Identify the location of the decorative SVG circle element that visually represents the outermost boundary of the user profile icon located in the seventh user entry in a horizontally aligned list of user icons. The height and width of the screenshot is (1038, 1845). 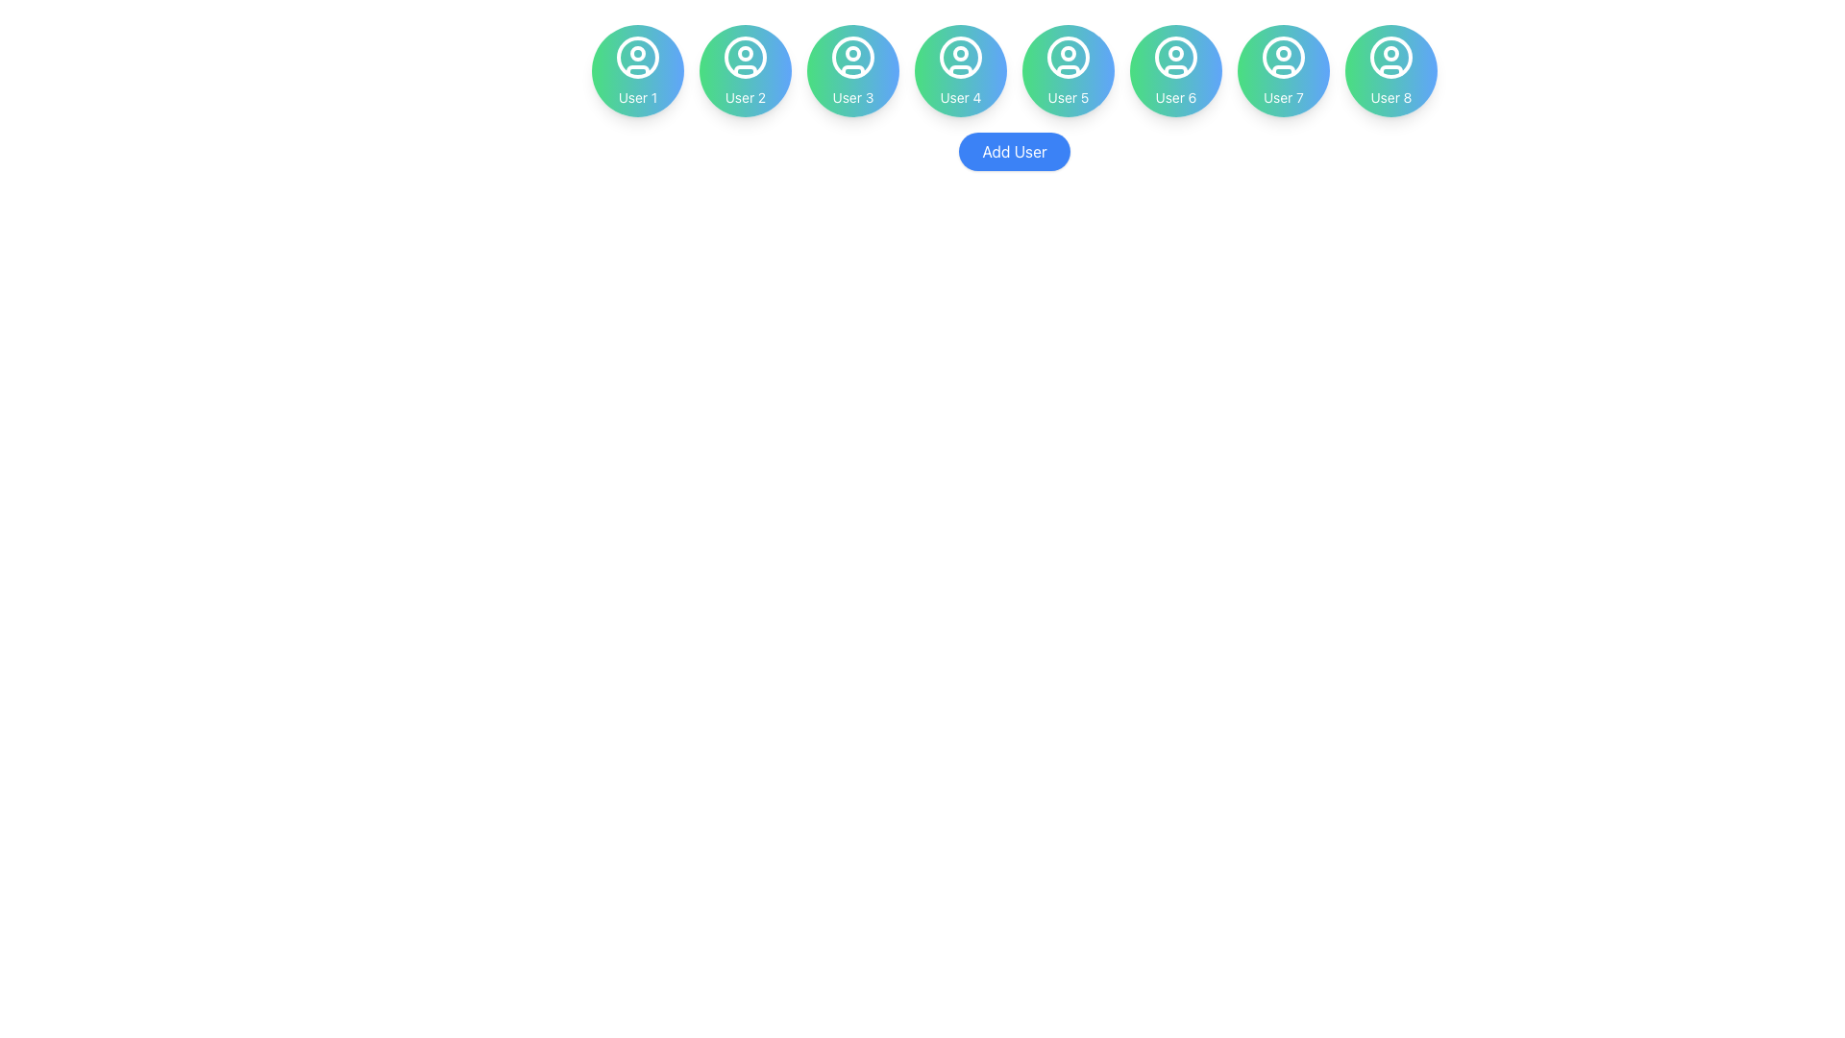
(1283, 57).